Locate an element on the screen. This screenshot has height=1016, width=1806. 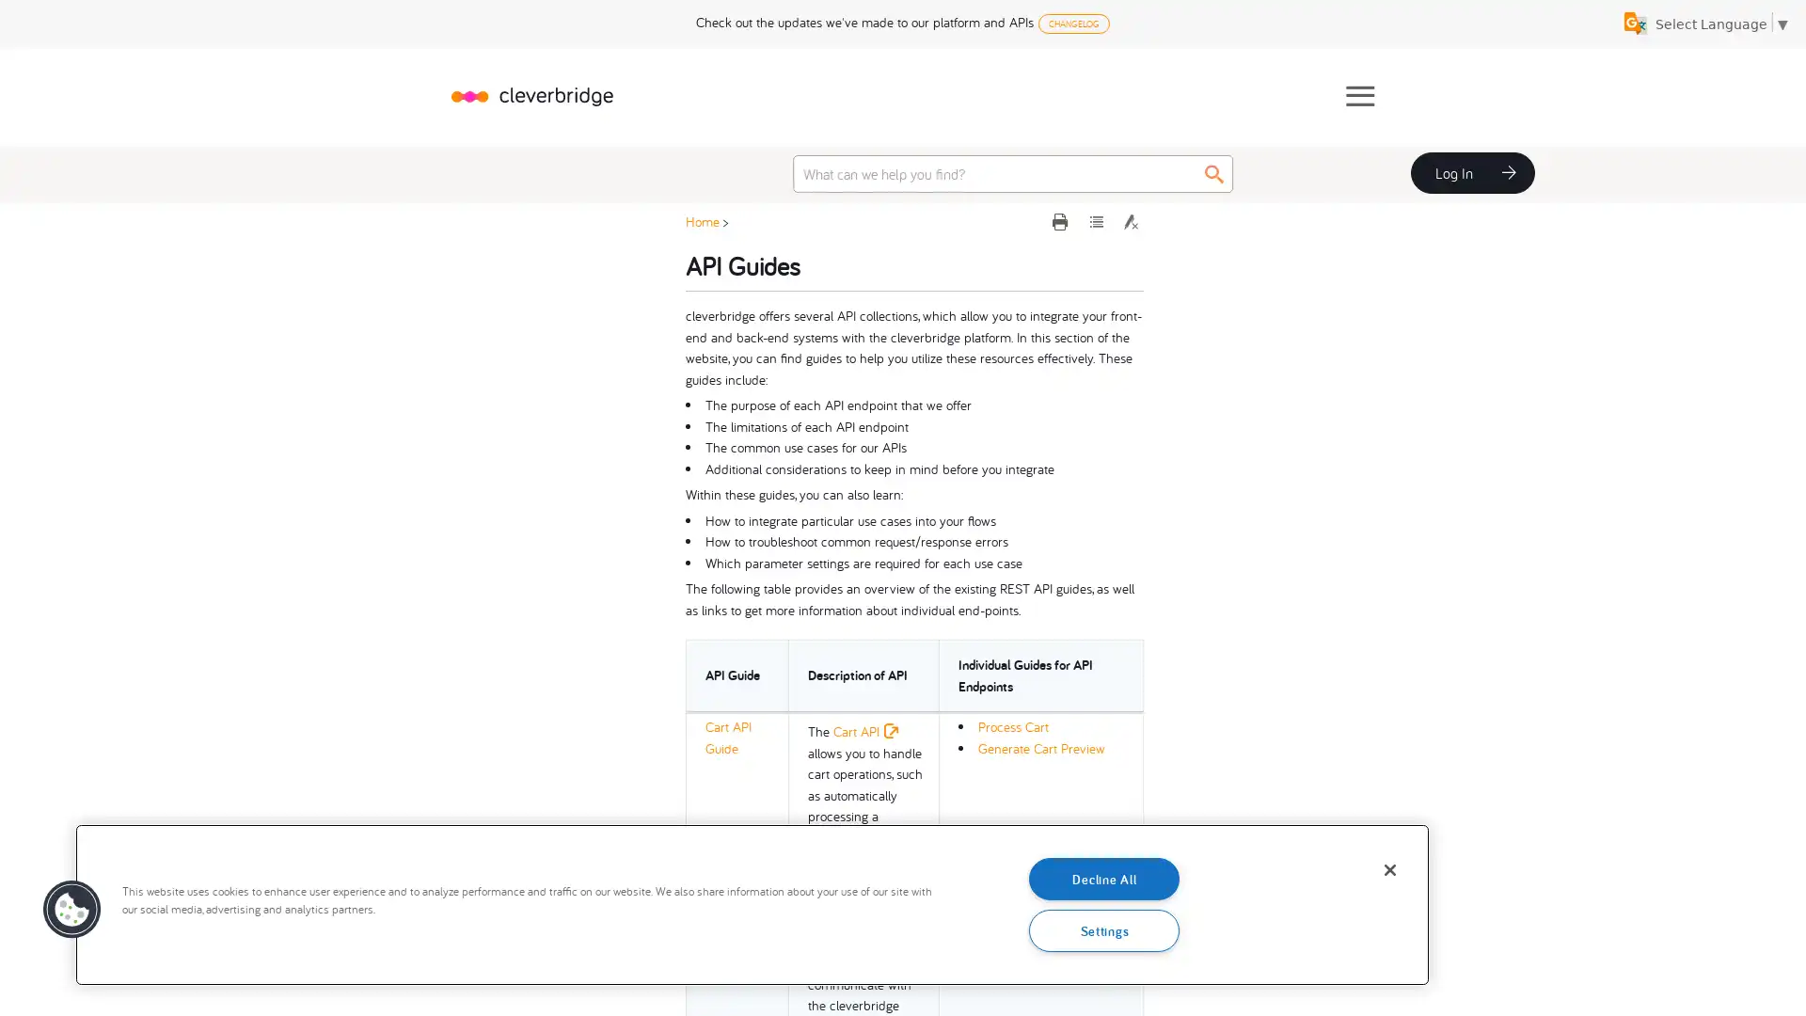
Show Navigation Panel is located at coordinates (1359, 95).